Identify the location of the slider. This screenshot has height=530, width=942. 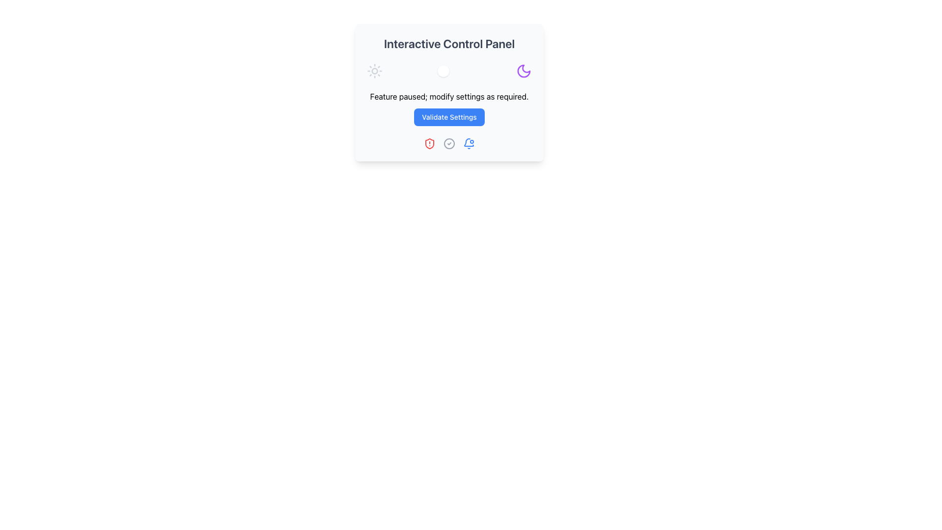
(452, 71).